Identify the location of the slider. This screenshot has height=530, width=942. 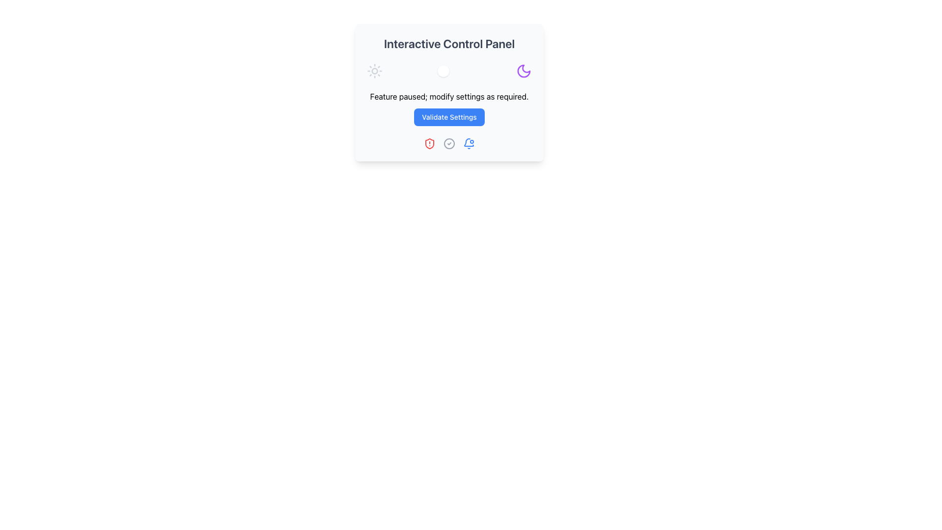
(452, 71).